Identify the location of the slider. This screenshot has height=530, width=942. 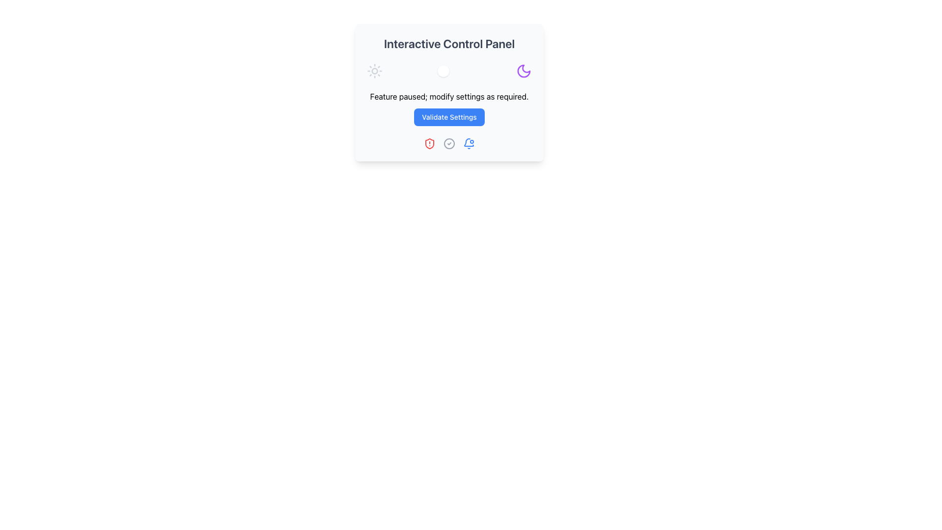
(452, 71).